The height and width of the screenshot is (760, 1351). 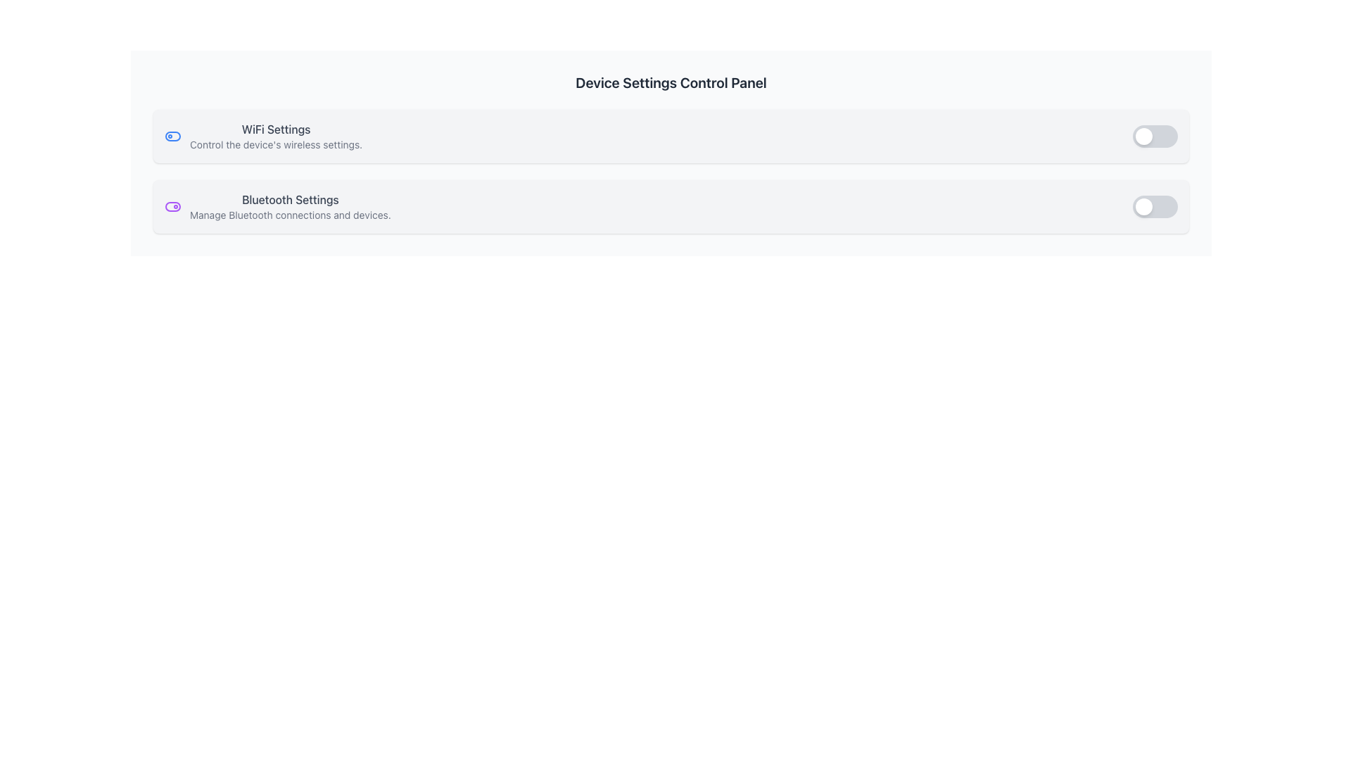 What do you see at coordinates (277, 206) in the screenshot?
I see `the Bluetooth settings informational card located in the top-left section of the settings menu, identified as the second item in a stack of options following 'WiFi Settings'` at bounding box center [277, 206].